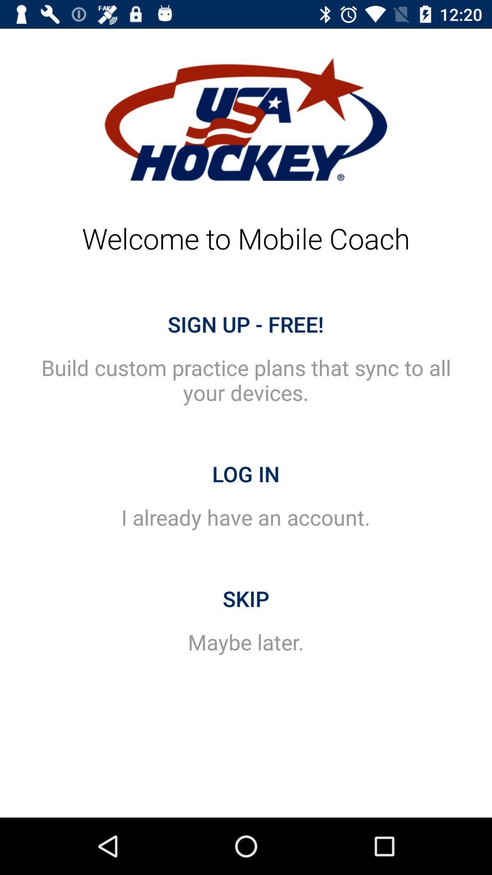 This screenshot has height=875, width=492. Describe the element at coordinates (246, 474) in the screenshot. I see `the icon above i already have item` at that location.